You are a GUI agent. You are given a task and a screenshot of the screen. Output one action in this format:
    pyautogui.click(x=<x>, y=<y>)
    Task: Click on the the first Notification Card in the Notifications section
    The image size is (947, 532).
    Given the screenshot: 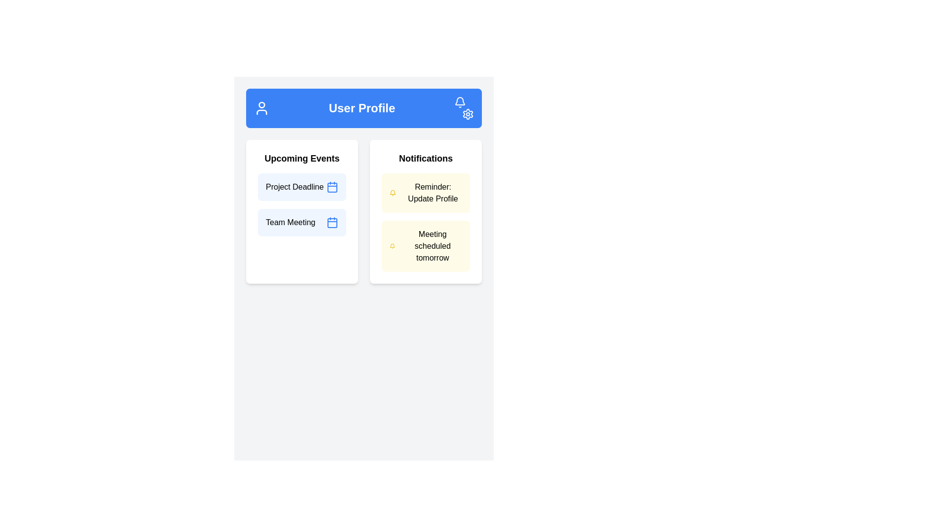 What is the action you would take?
    pyautogui.click(x=426, y=211)
    